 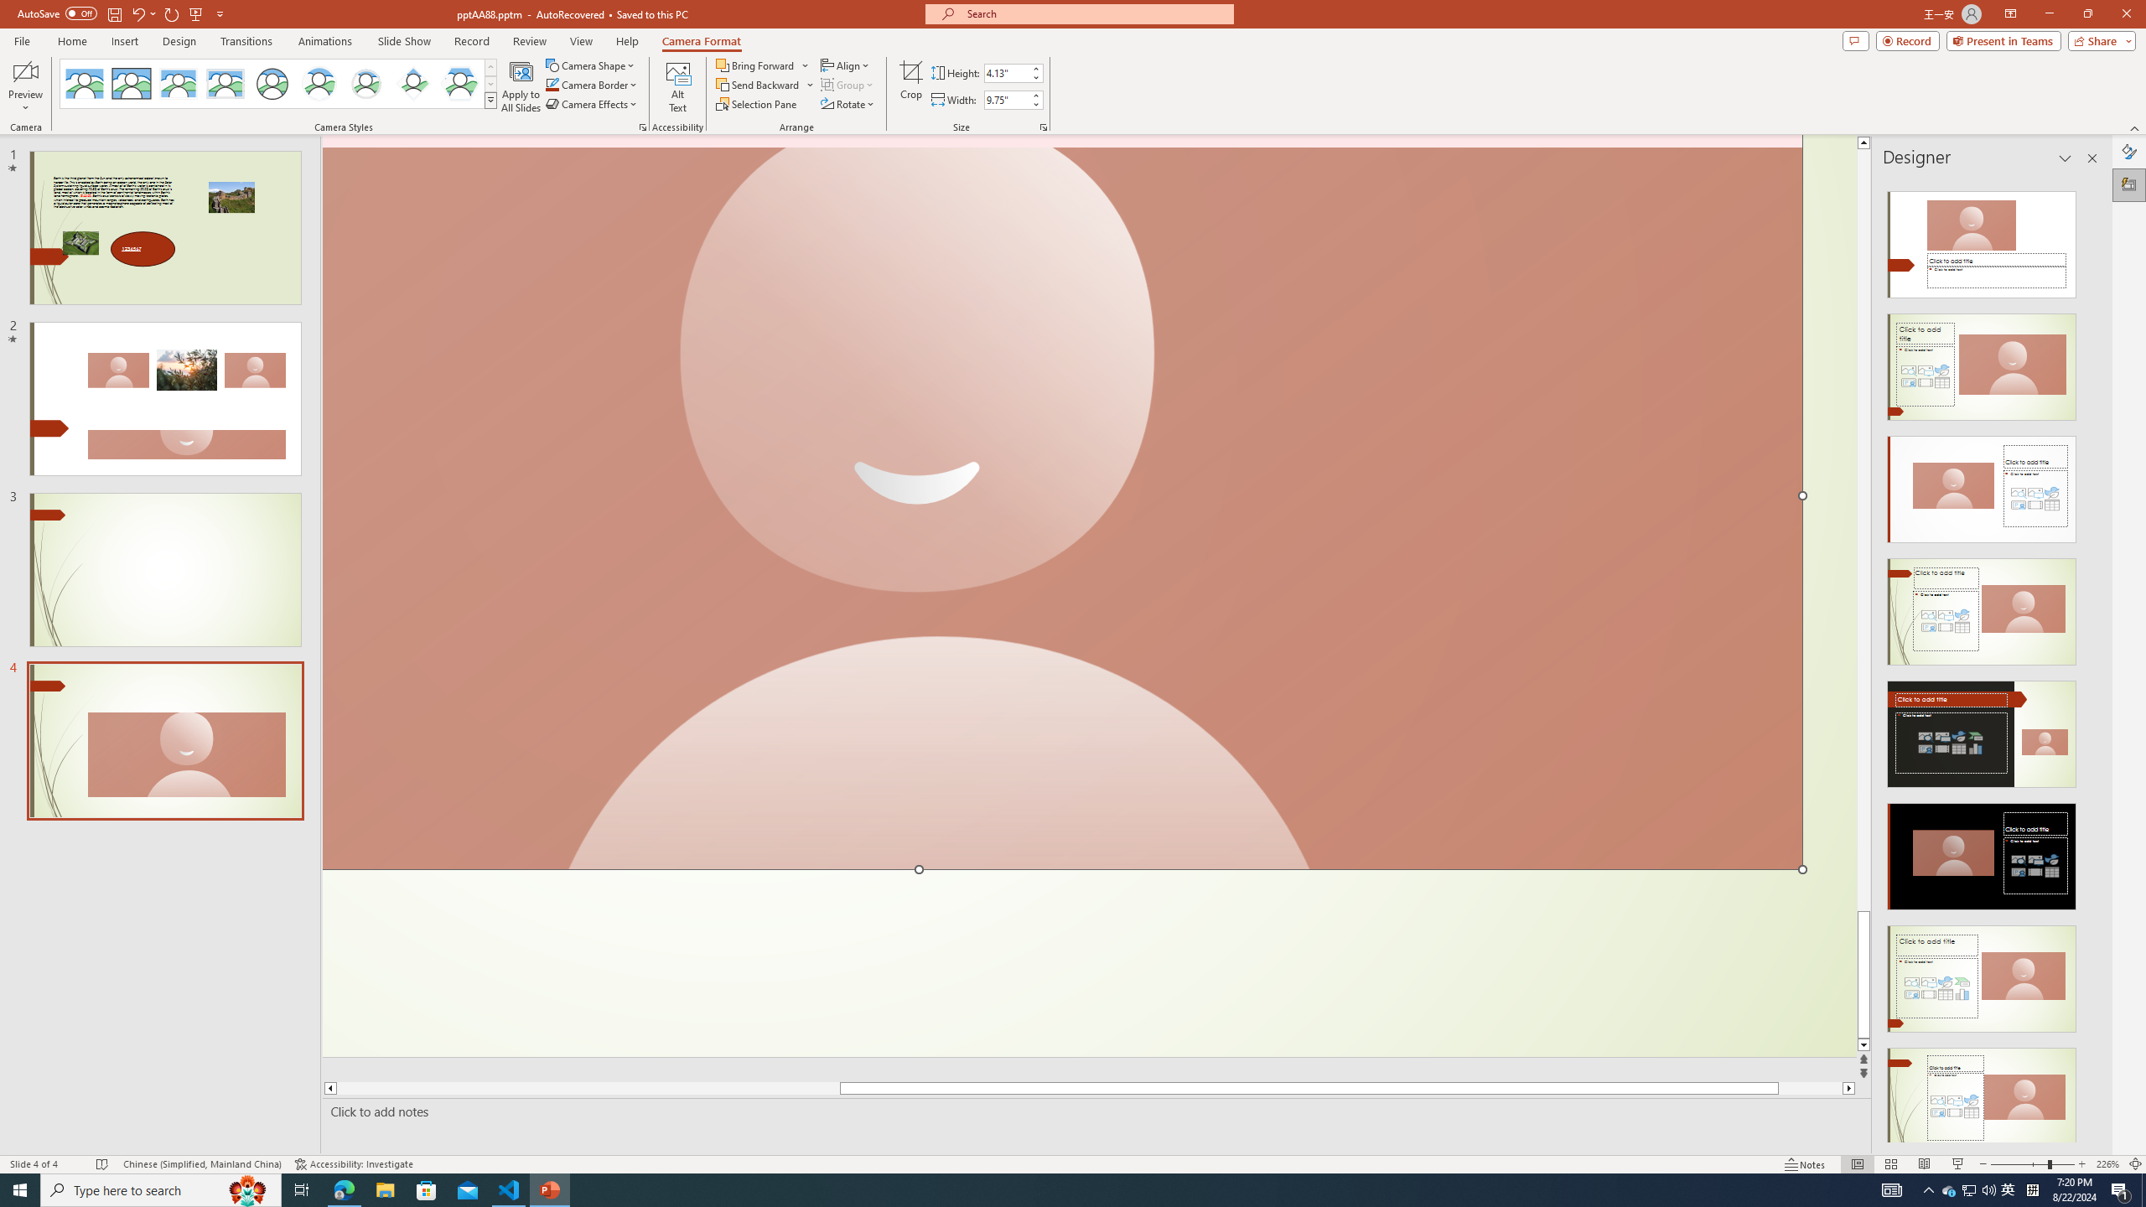 I want to click on 'Soft Edge Circle', so click(x=365, y=83).